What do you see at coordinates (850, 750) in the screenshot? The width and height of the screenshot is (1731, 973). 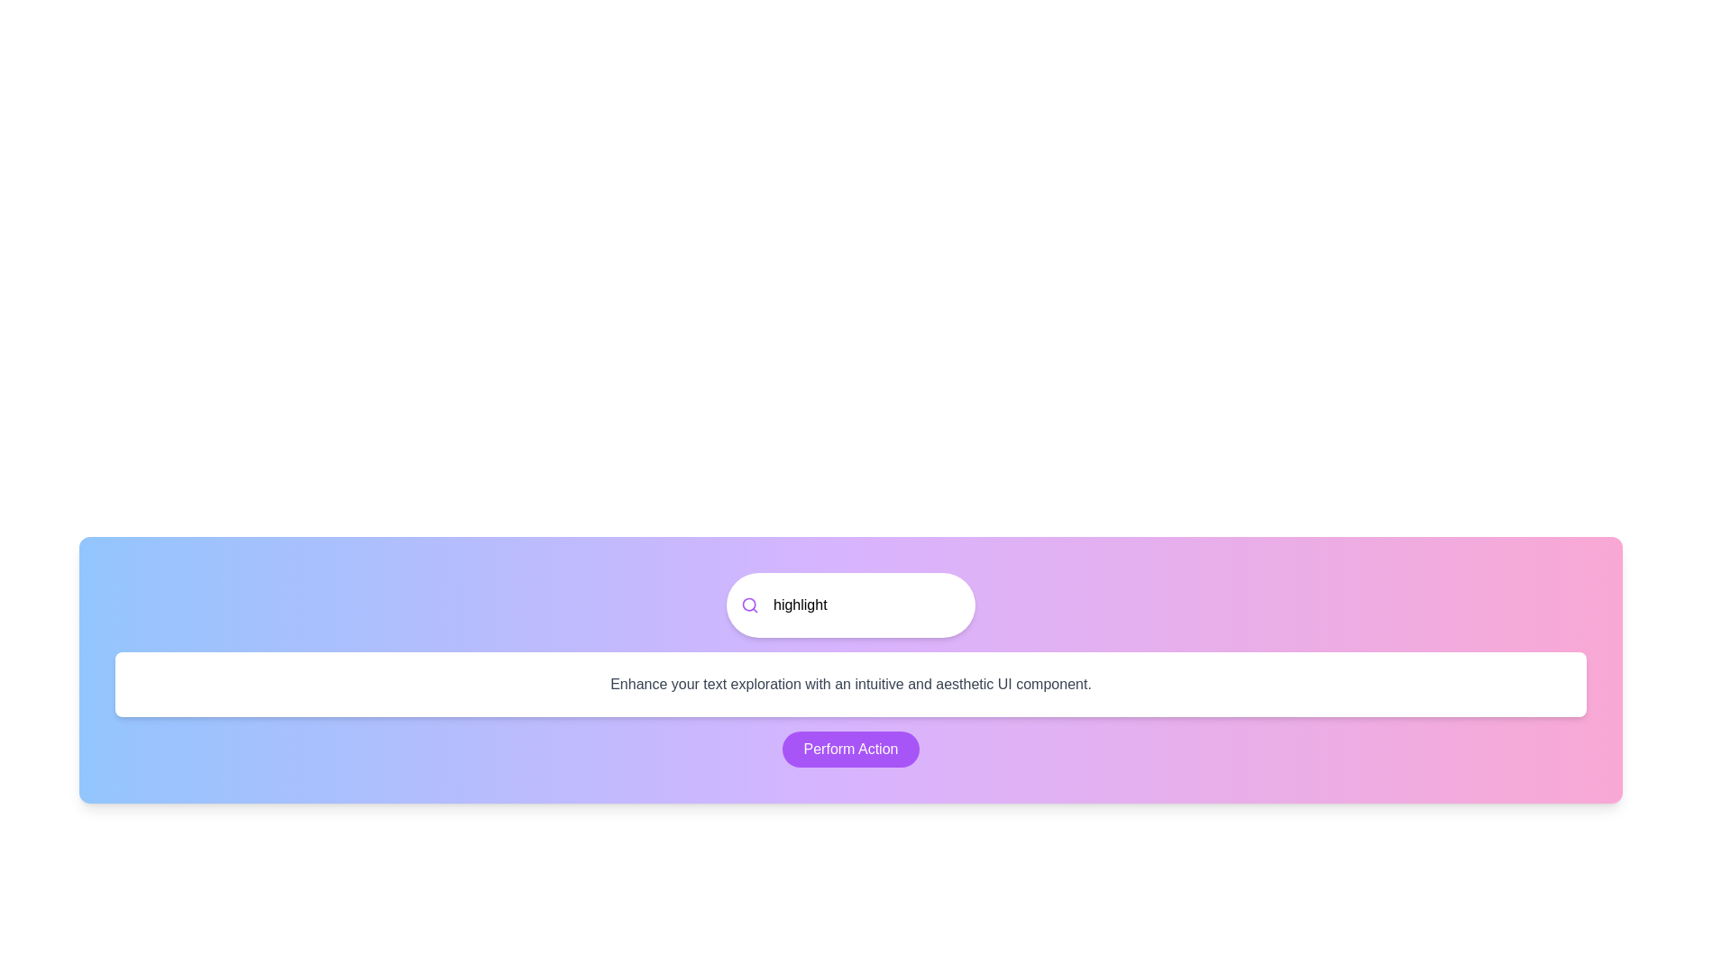 I see `the confirmation button located centrally below the text input field` at bounding box center [850, 750].